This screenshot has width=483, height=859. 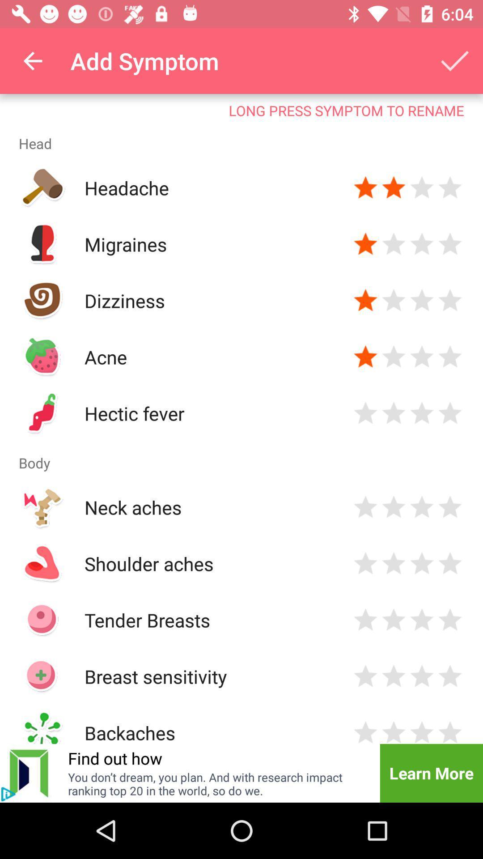 I want to click on star option, so click(x=450, y=676).